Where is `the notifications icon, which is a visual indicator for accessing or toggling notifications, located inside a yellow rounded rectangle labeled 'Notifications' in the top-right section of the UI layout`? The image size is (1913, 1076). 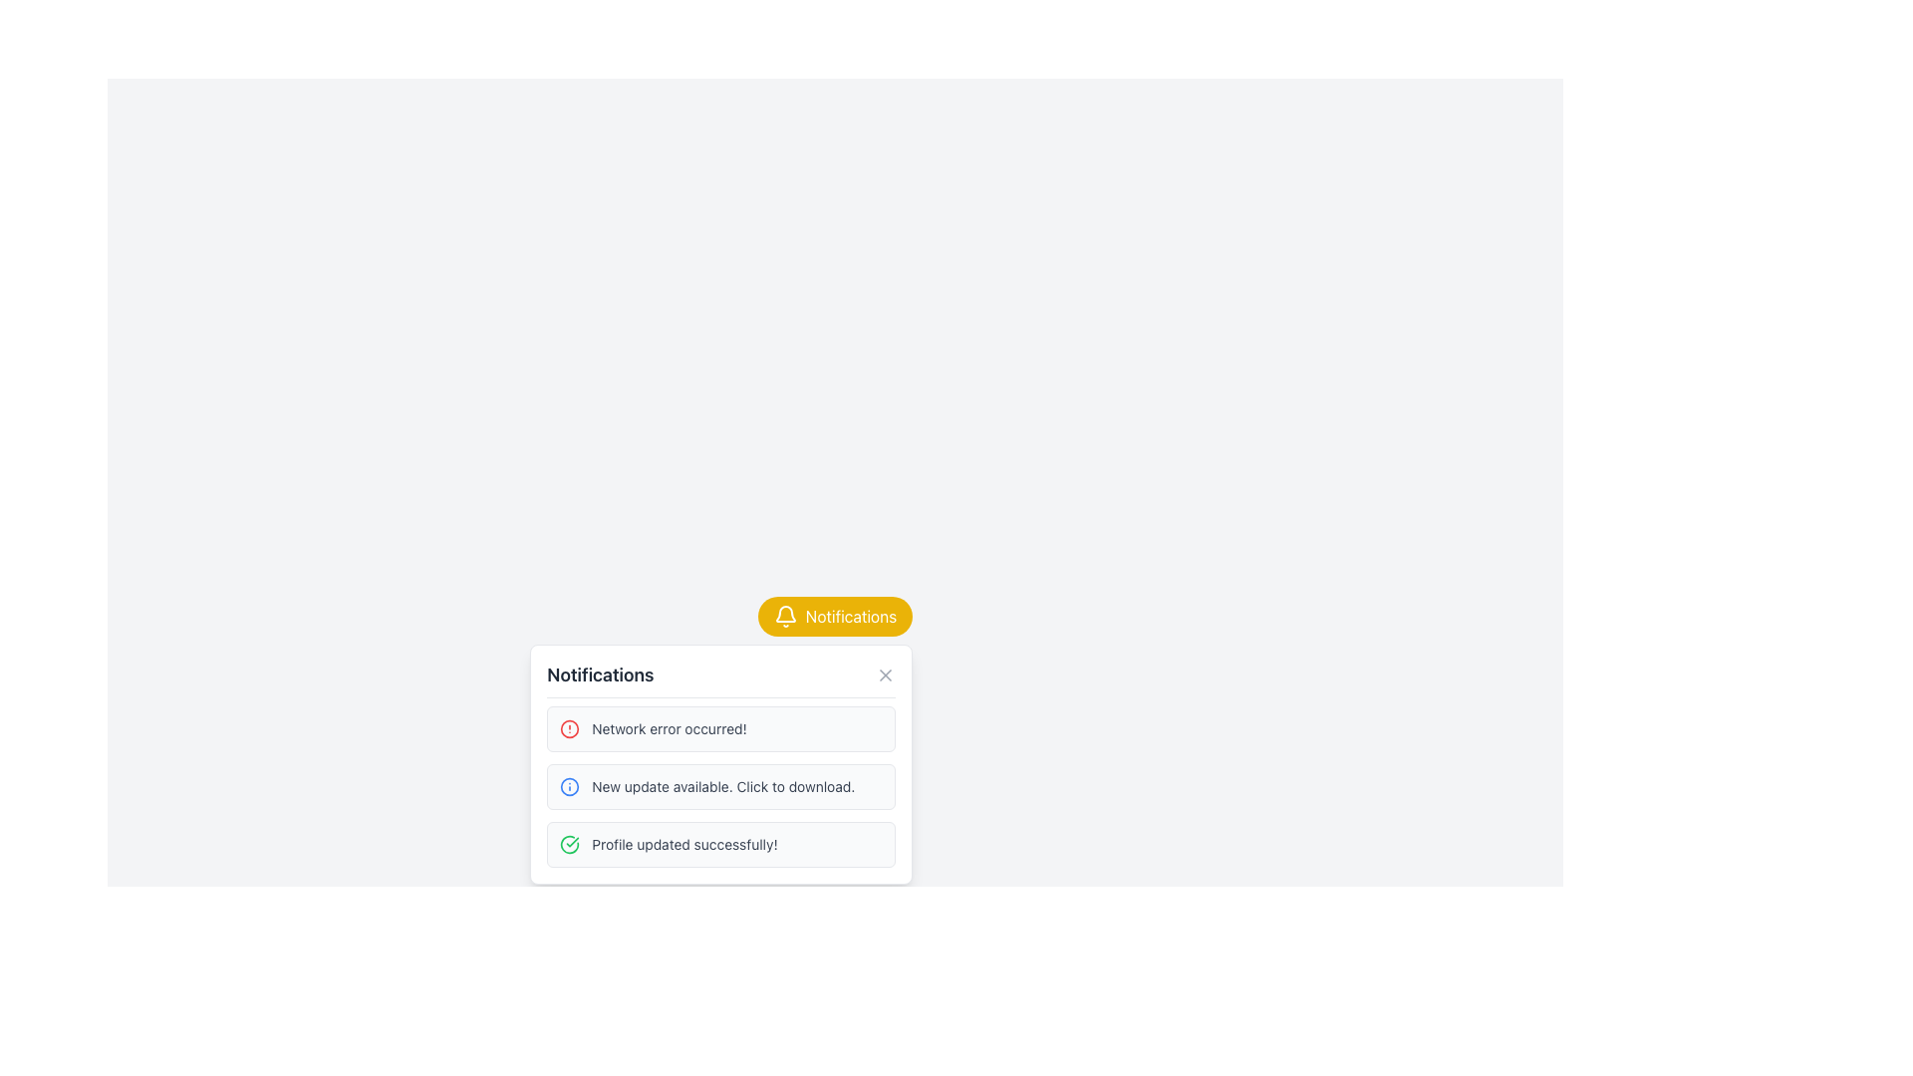 the notifications icon, which is a visual indicator for accessing or toggling notifications, located inside a yellow rounded rectangle labeled 'Notifications' in the top-right section of the UI layout is located at coordinates (784, 615).